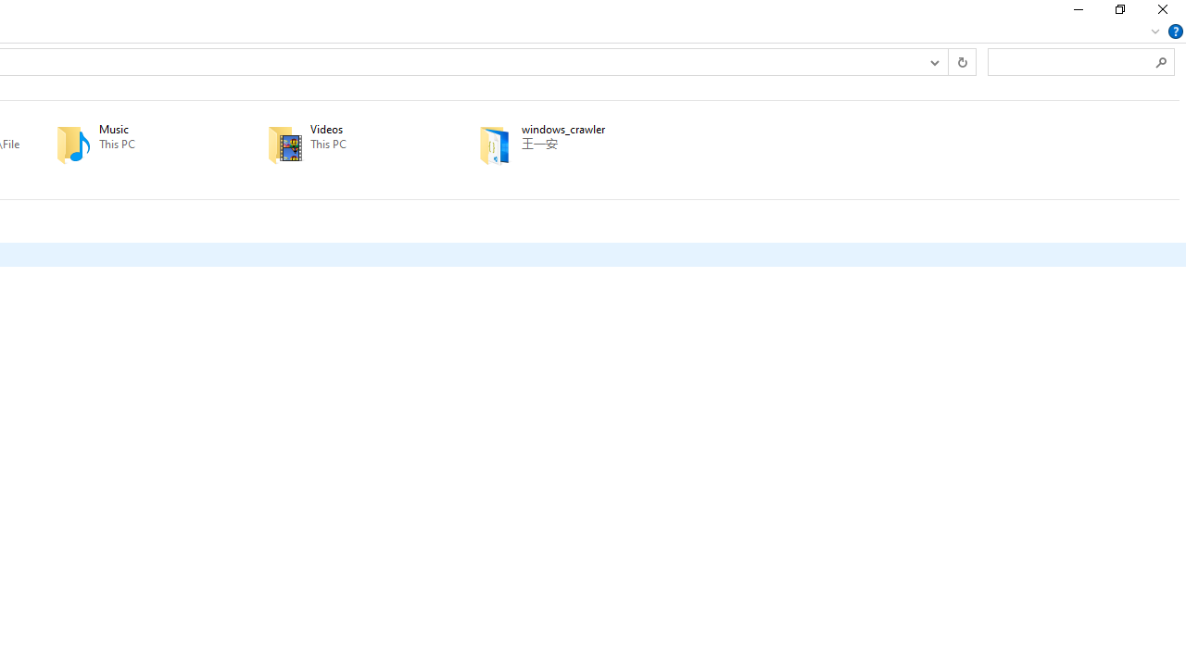 The height and width of the screenshot is (667, 1186). Describe the element at coordinates (1160, 60) in the screenshot. I see `'Search'` at that location.